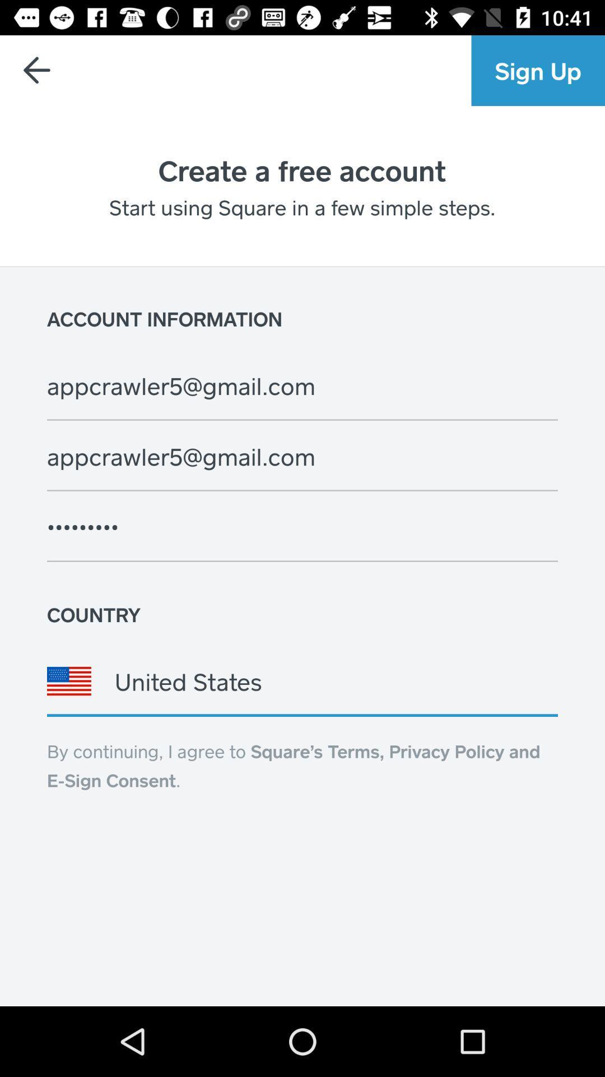 Image resolution: width=605 pixels, height=1077 pixels. I want to click on icon below the united states icon, so click(293, 765).